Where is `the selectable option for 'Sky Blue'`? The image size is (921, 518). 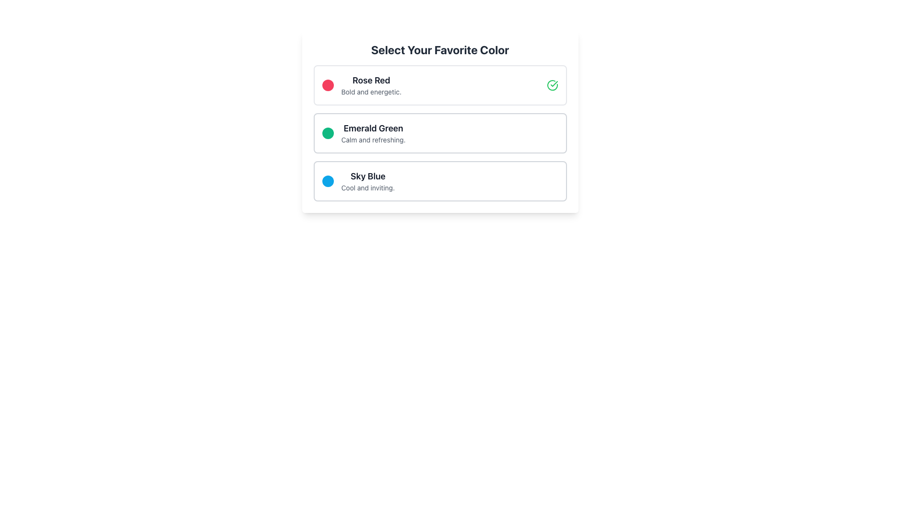
the selectable option for 'Sky Blue' is located at coordinates (439, 181).